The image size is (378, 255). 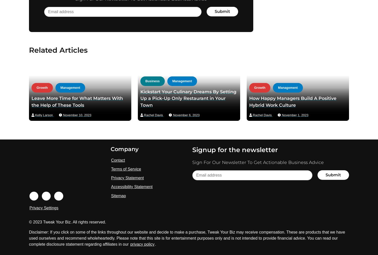 What do you see at coordinates (155, 244) in the screenshot?
I see `'.'` at bounding box center [155, 244].